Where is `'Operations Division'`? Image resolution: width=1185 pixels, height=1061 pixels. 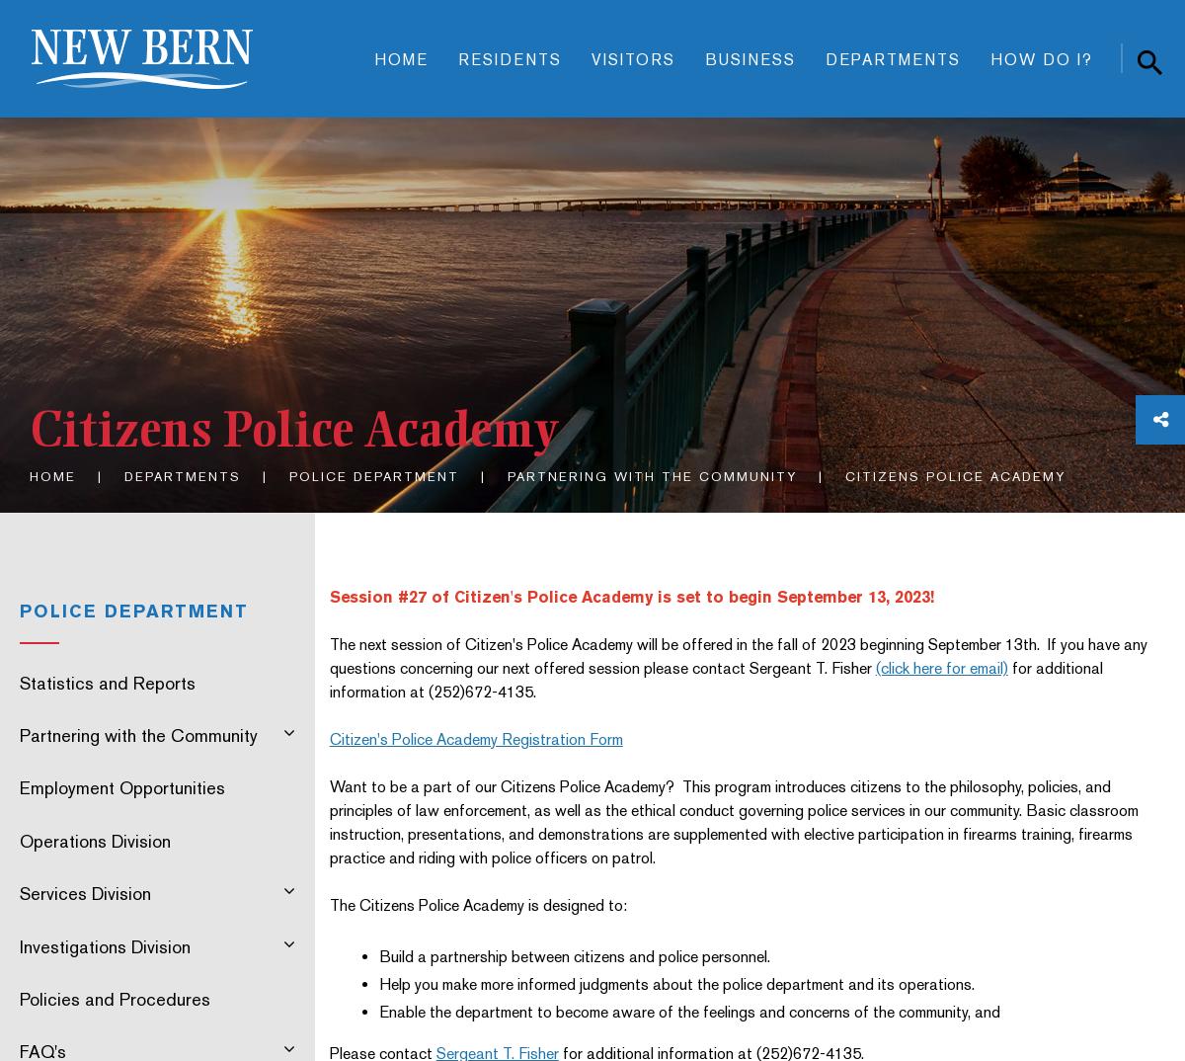 'Operations Division' is located at coordinates (95, 840).